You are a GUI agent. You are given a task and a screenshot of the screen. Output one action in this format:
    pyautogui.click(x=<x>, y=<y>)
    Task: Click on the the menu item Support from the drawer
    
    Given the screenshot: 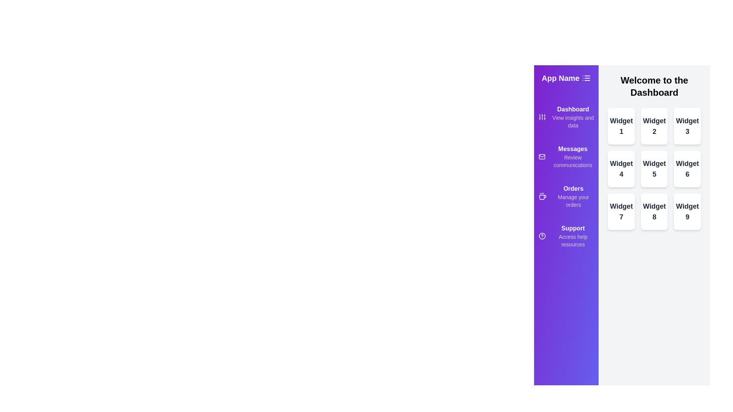 What is the action you would take?
    pyautogui.click(x=566, y=235)
    